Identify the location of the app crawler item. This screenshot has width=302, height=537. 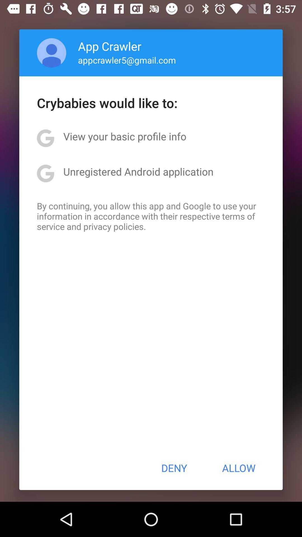
(110, 46).